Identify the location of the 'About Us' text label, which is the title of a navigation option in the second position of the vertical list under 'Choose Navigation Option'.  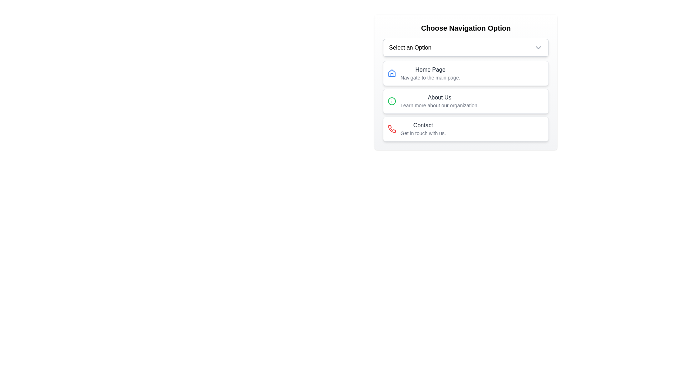
(439, 97).